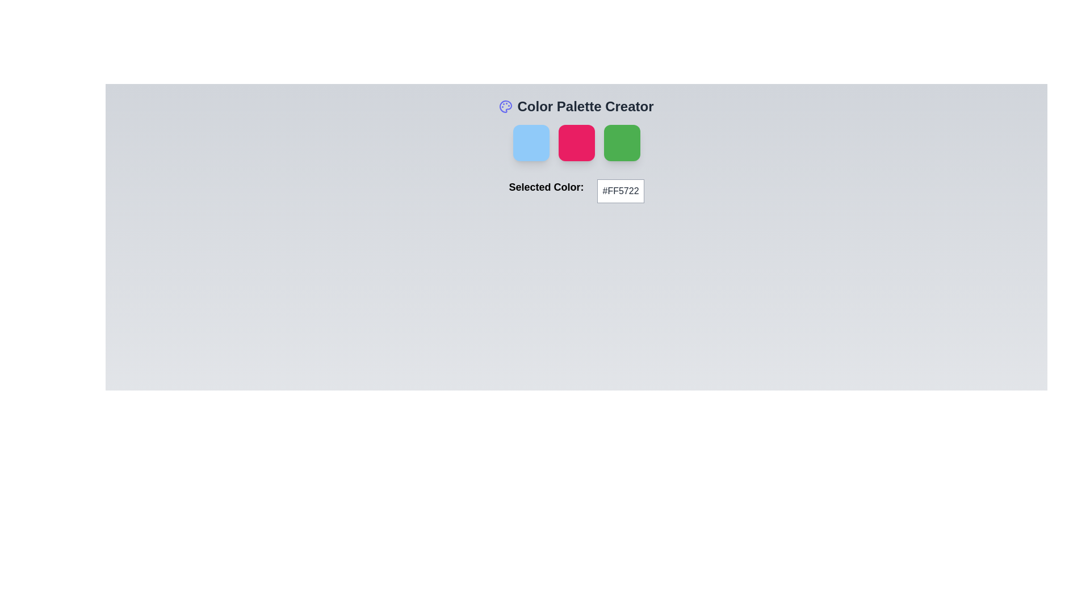 This screenshot has width=1090, height=613. I want to click on the 'Color Palette Creator' text with icon element, which features a bold title and an indigo palette icon, so click(576, 107).